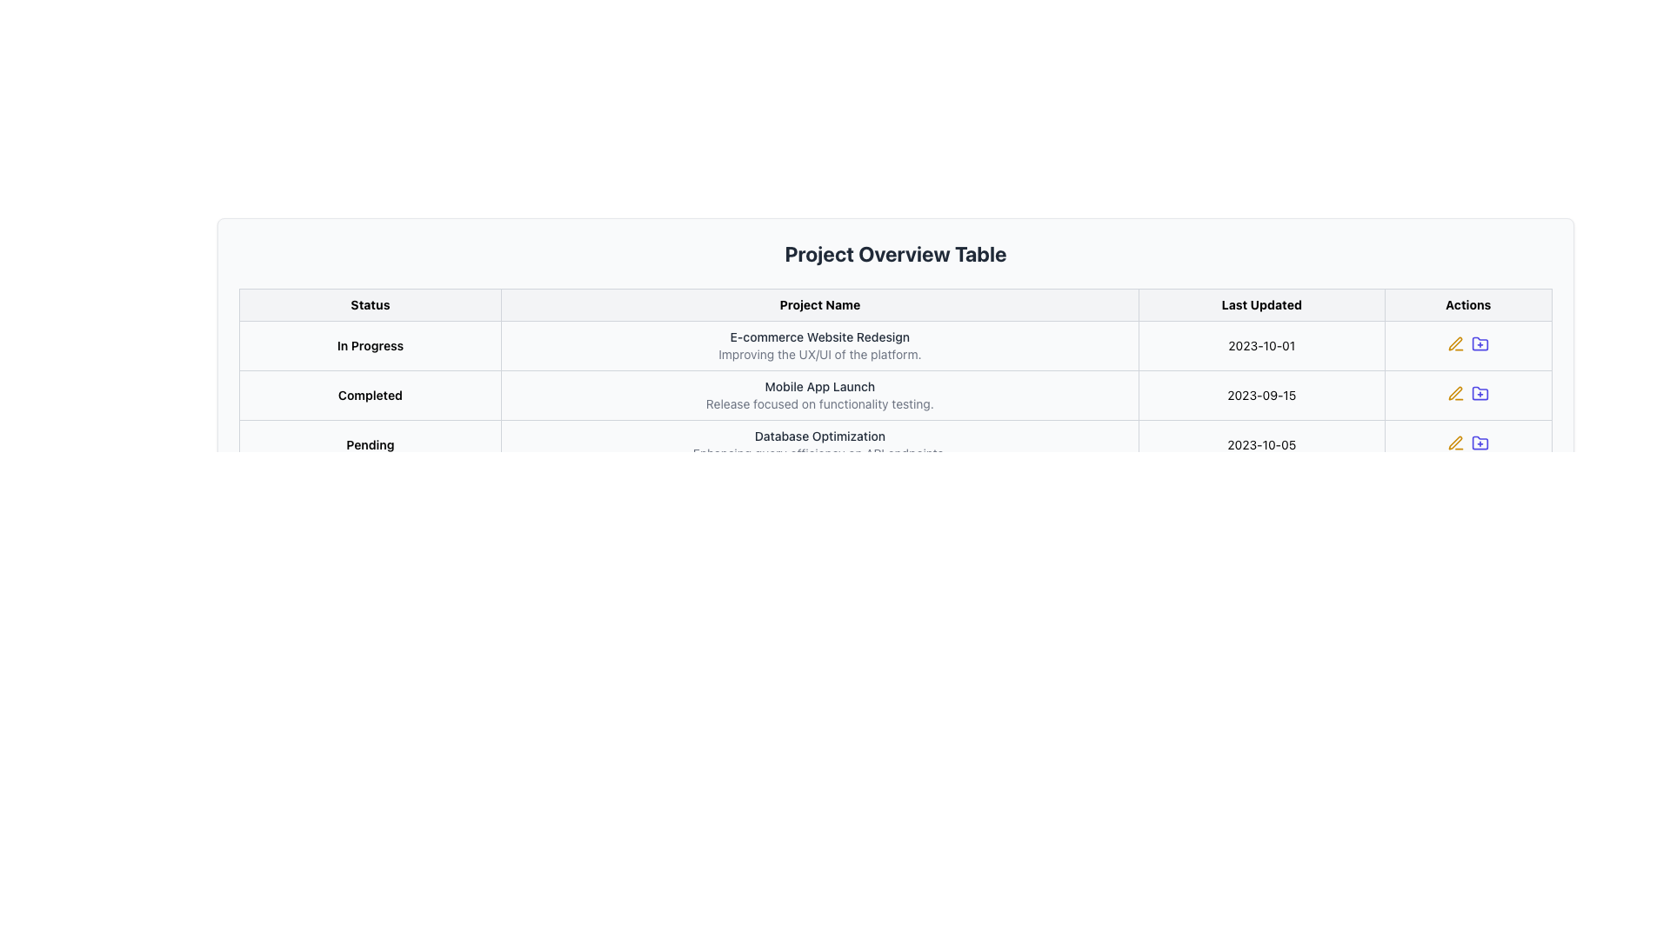 This screenshot has height=939, width=1670. Describe the element at coordinates (1480, 442) in the screenshot. I see `the folder action icon in the 'Actions' column of the third row for 'Database Optimization' in the Project Overview Table` at that location.